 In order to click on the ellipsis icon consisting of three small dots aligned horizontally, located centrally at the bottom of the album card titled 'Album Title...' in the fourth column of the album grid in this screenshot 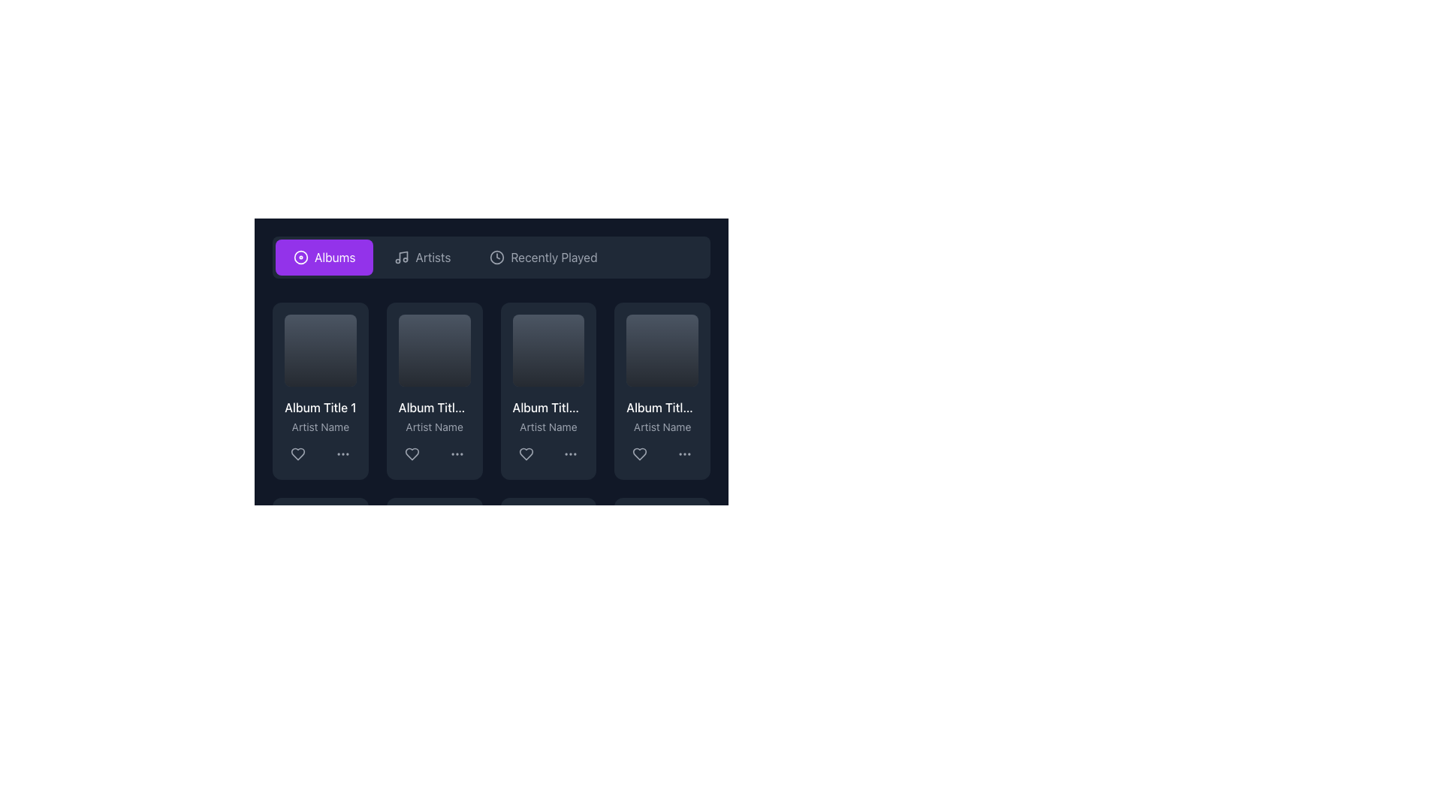, I will do `click(684, 453)`.